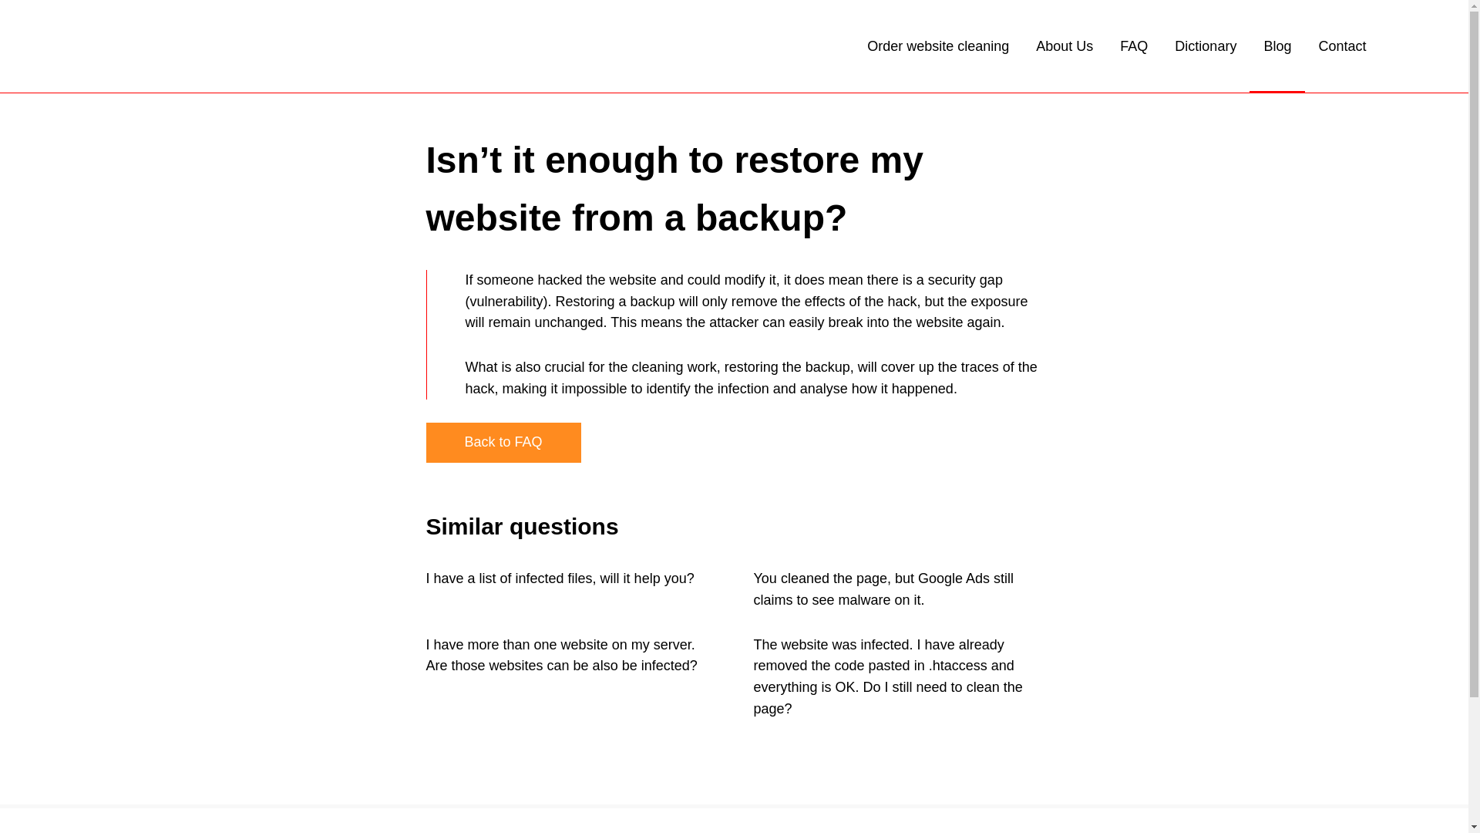 The height and width of the screenshot is (833, 1480). I want to click on 'Blog', so click(1276, 46).